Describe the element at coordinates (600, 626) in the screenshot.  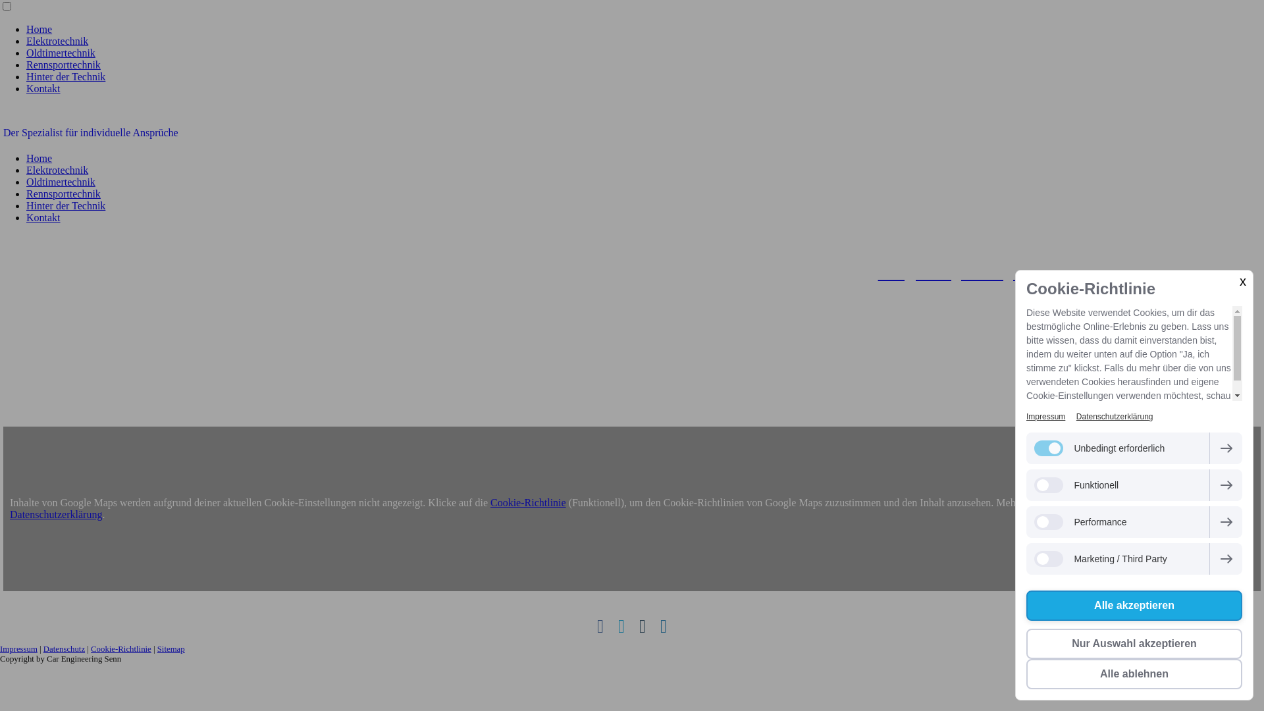
I see `'Facebook'` at that location.